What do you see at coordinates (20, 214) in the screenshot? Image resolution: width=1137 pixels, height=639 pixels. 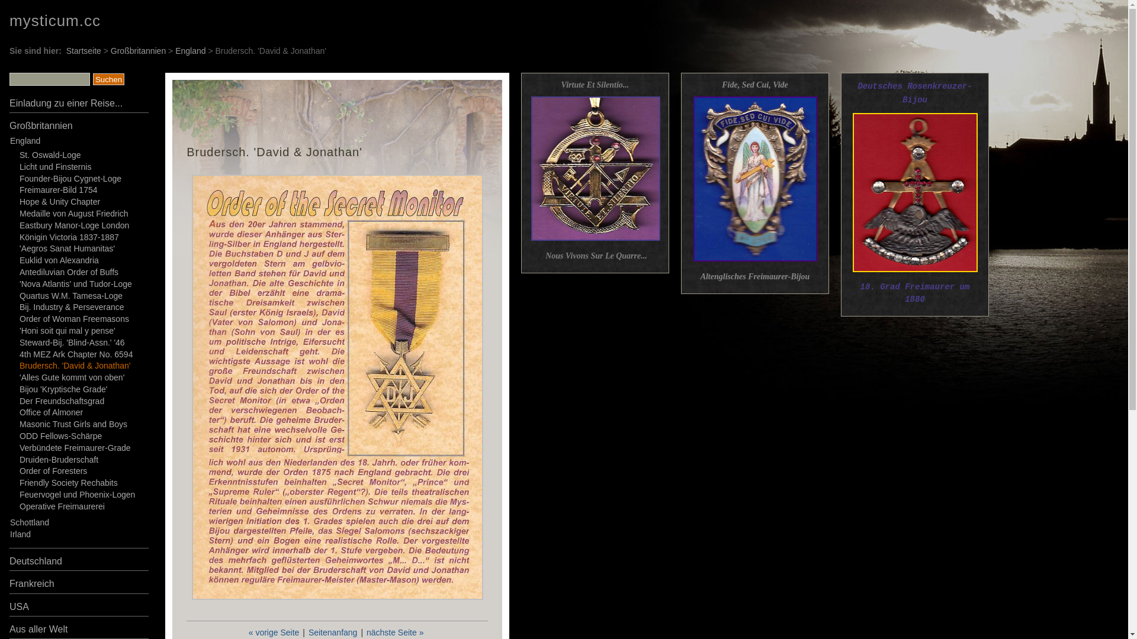 I see `'Medaille von August Friedrich'` at bounding box center [20, 214].